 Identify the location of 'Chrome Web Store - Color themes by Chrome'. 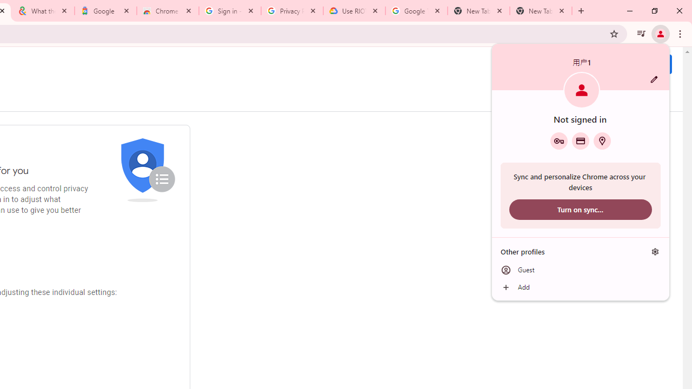
(168, 11).